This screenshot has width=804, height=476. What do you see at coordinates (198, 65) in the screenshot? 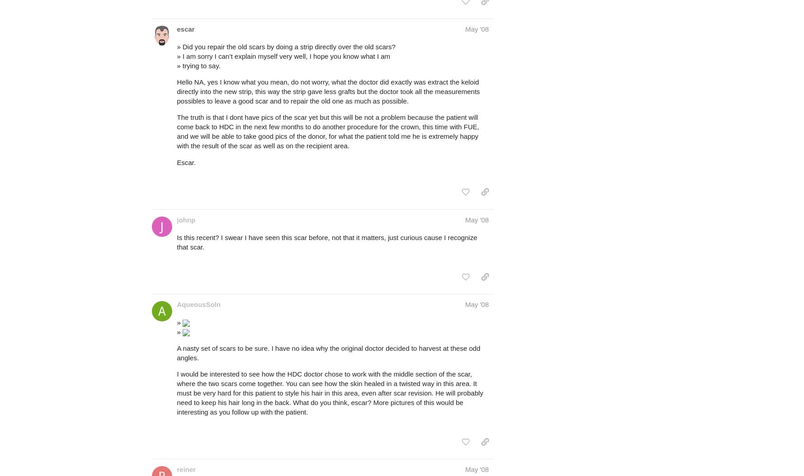
I see `'» trying to say.'` at bounding box center [198, 65].